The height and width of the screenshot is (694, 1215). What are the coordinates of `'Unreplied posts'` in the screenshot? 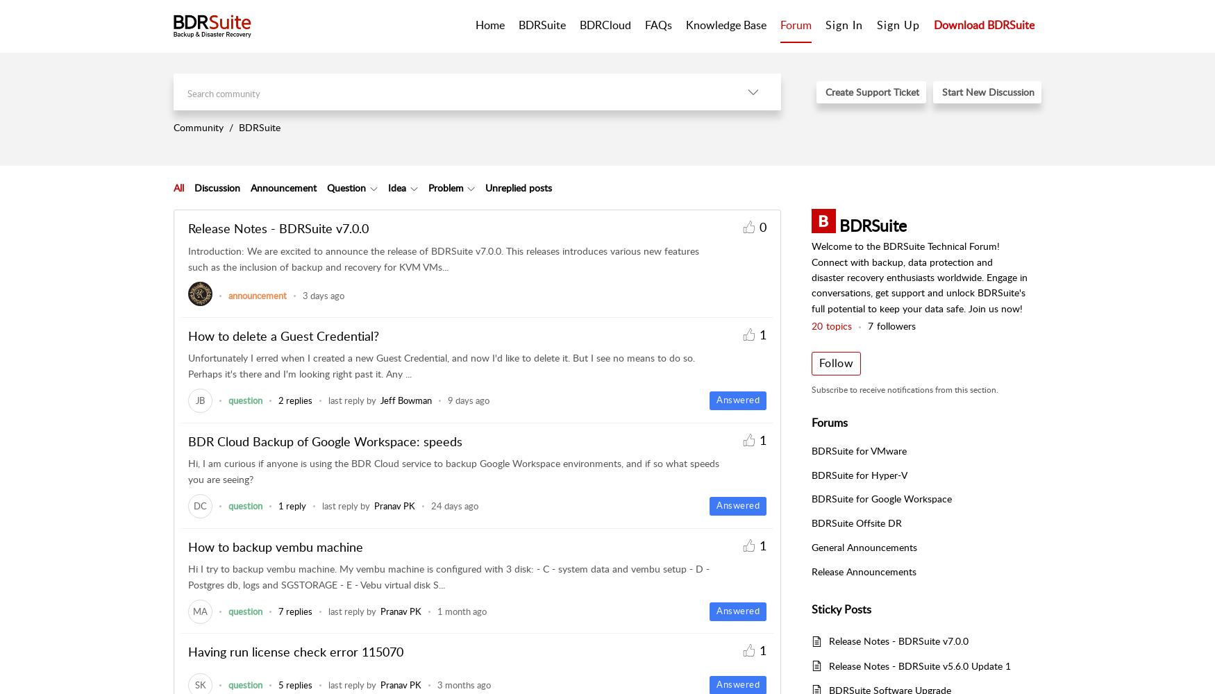 It's located at (519, 187).